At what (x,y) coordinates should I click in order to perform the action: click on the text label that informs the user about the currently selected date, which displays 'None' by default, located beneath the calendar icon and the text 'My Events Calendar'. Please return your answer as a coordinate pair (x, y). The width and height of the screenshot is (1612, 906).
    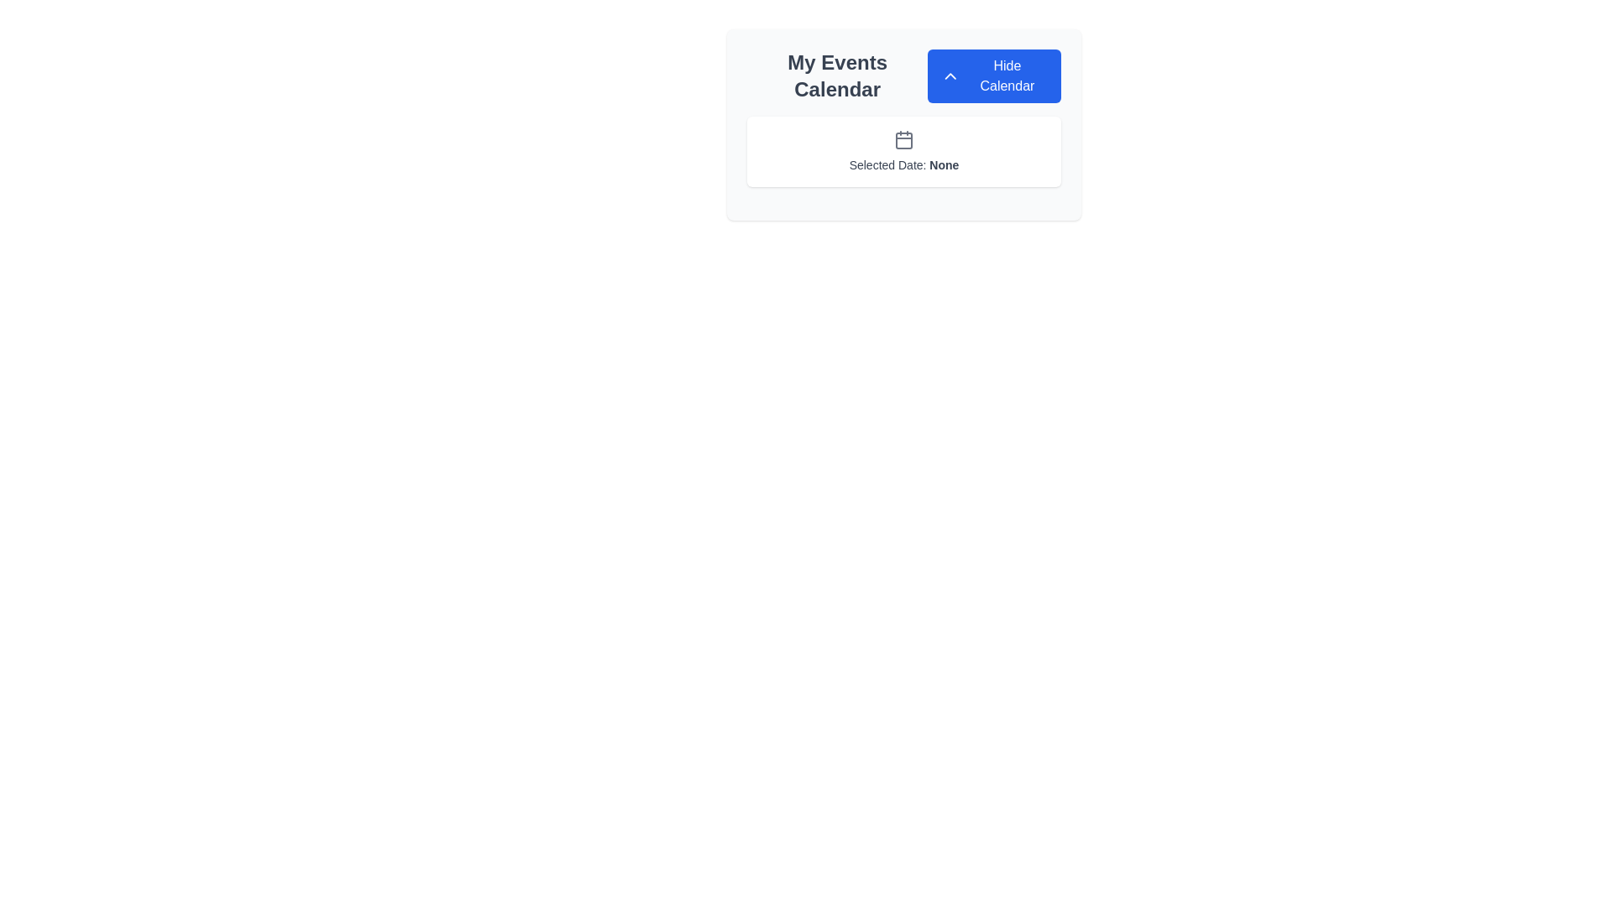
    Looking at the image, I should click on (903, 164).